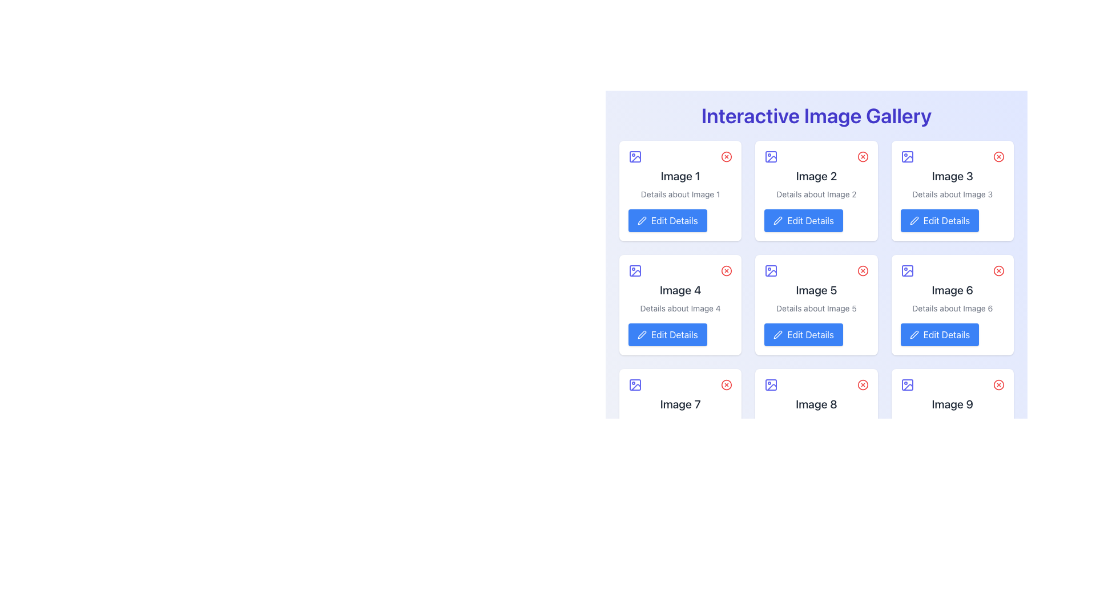 This screenshot has width=1096, height=616. I want to click on the red circular button with a white cross located in the top-right corner of the 'Image 8' card, so click(863, 385).